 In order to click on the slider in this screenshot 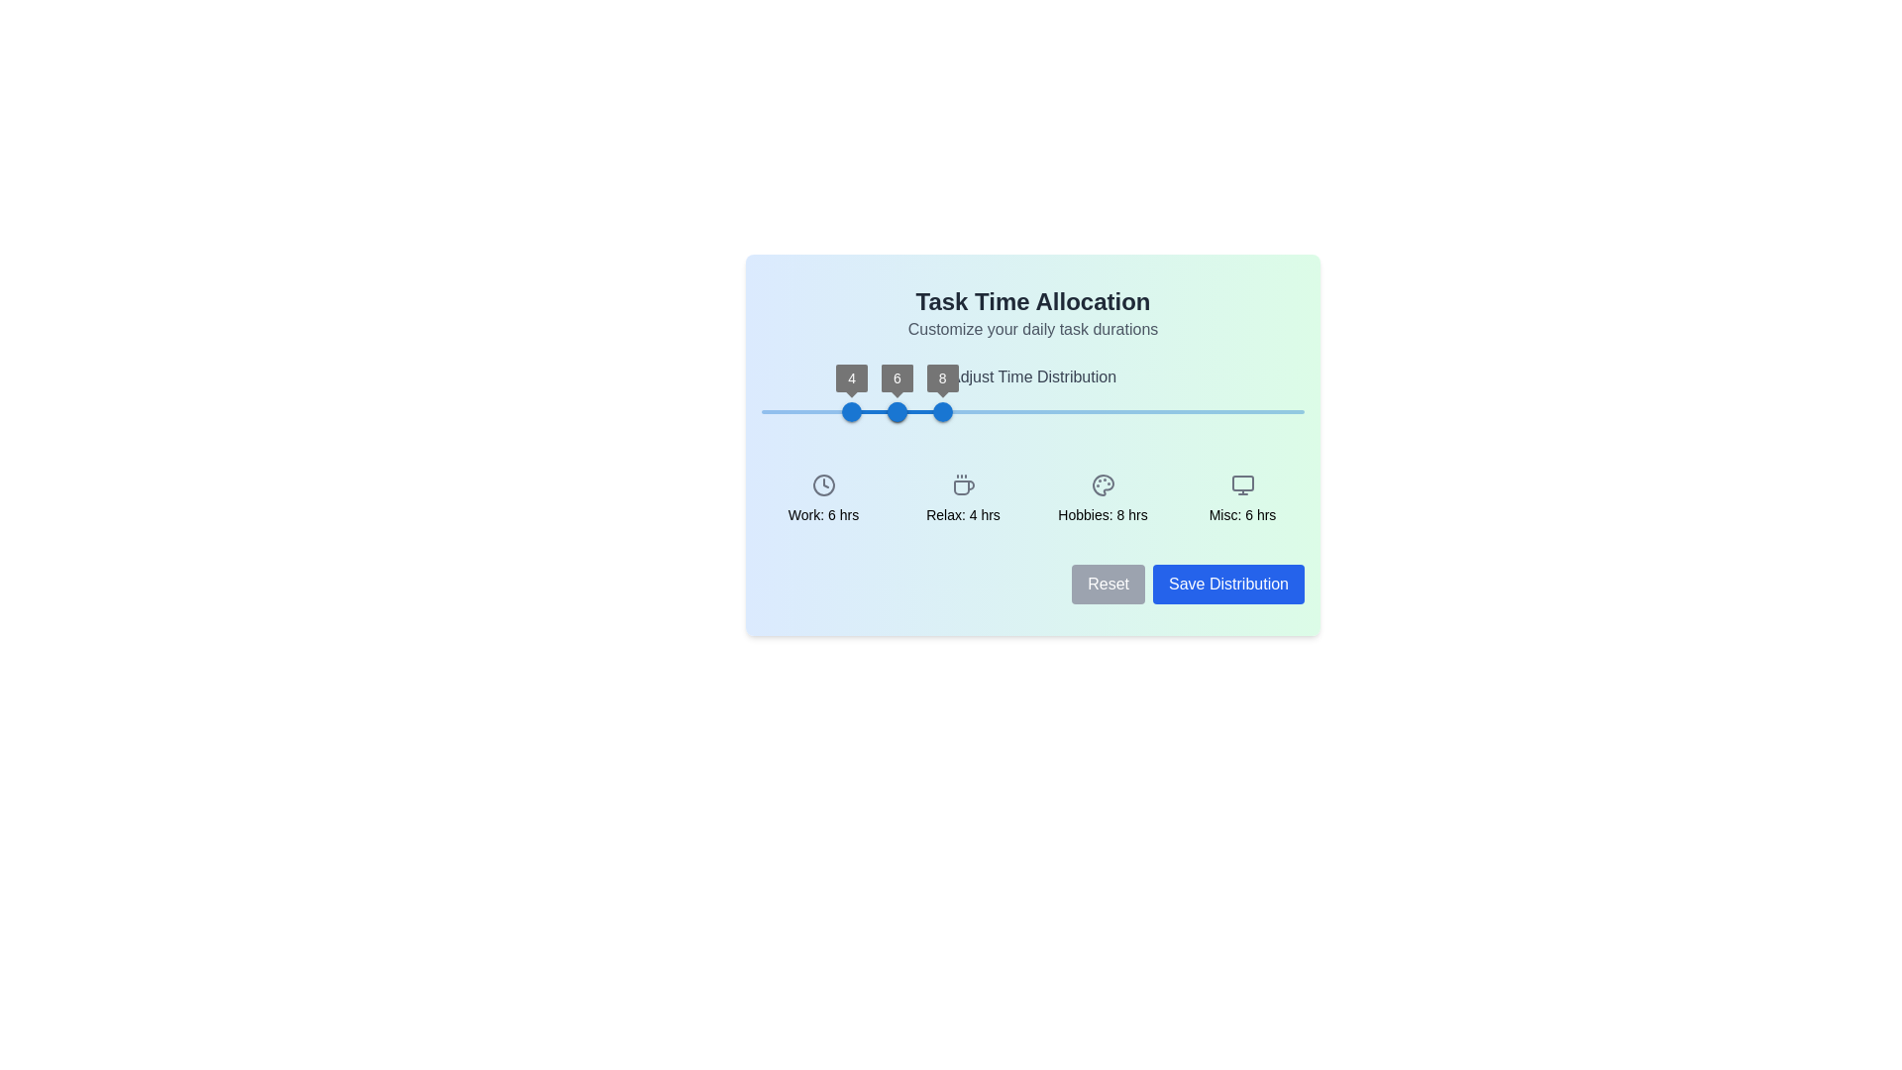, I will do `click(891, 396)`.